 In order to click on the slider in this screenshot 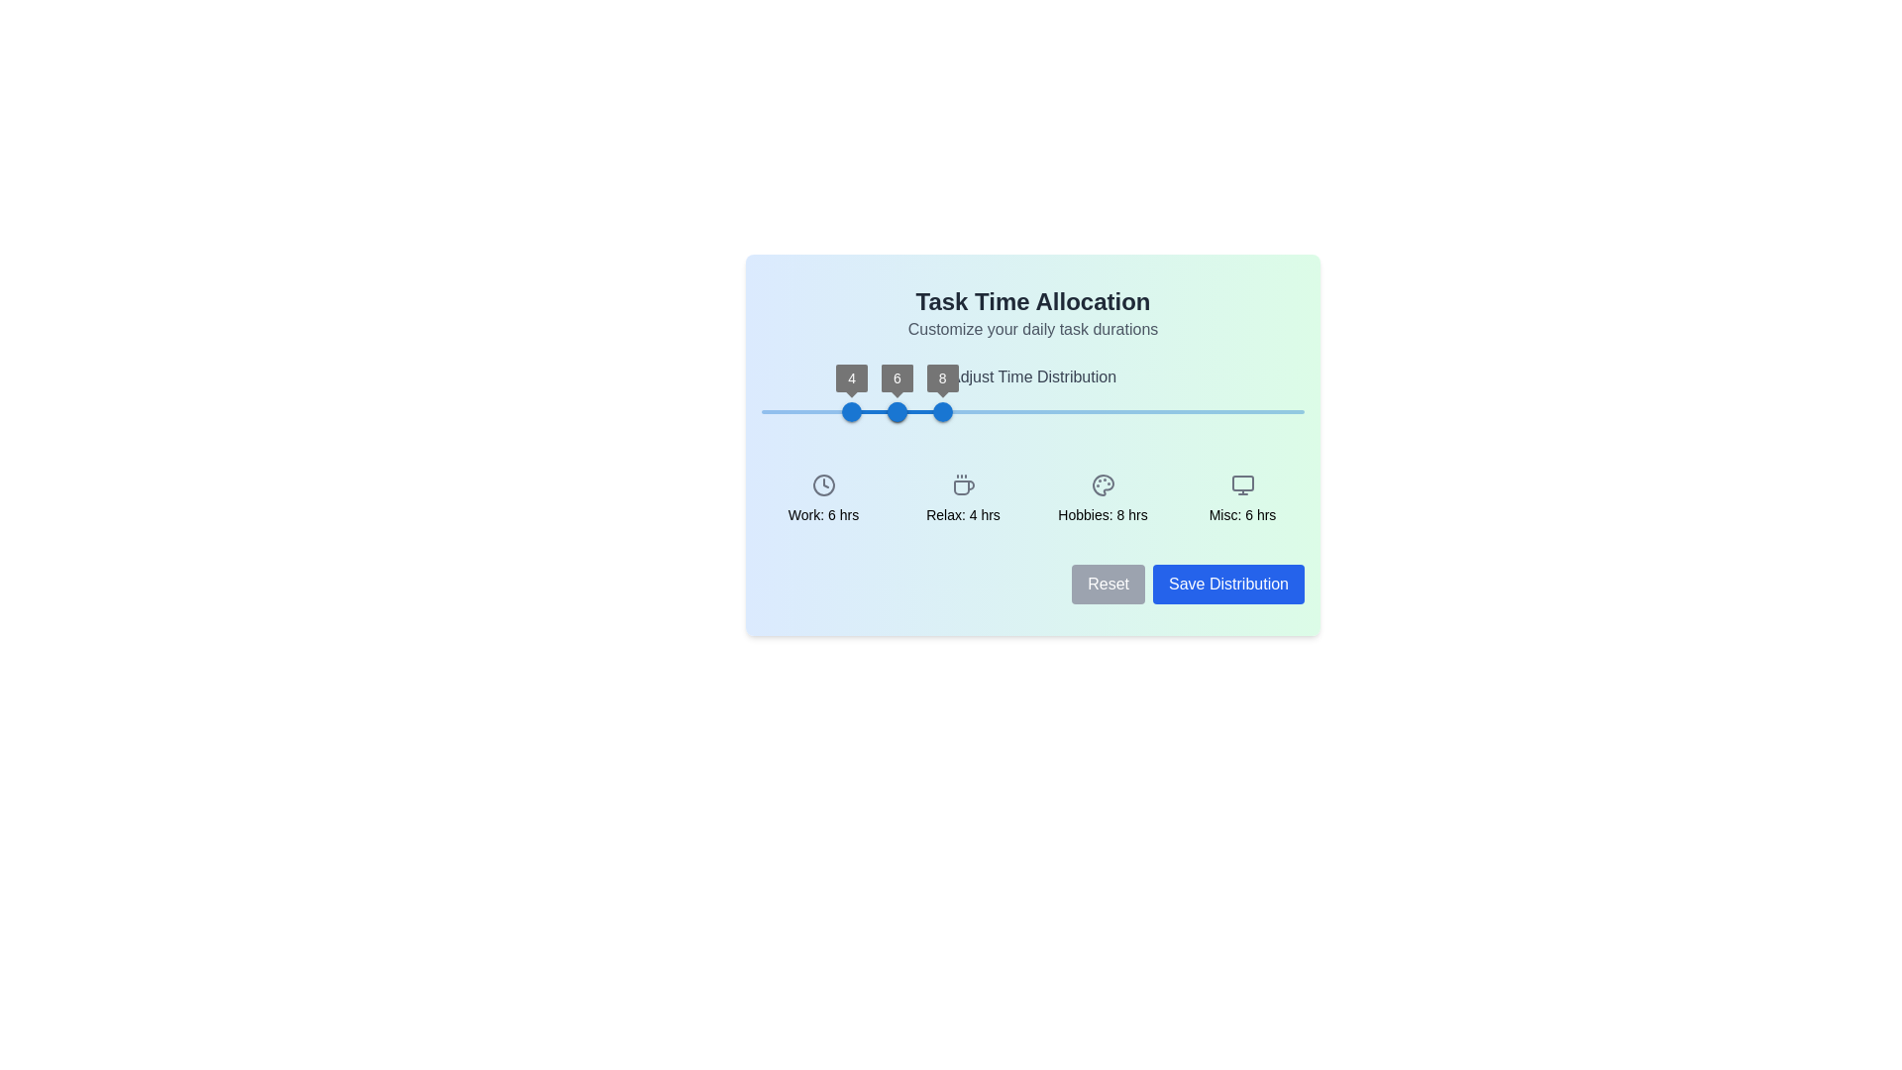, I will do `click(891, 396)`.